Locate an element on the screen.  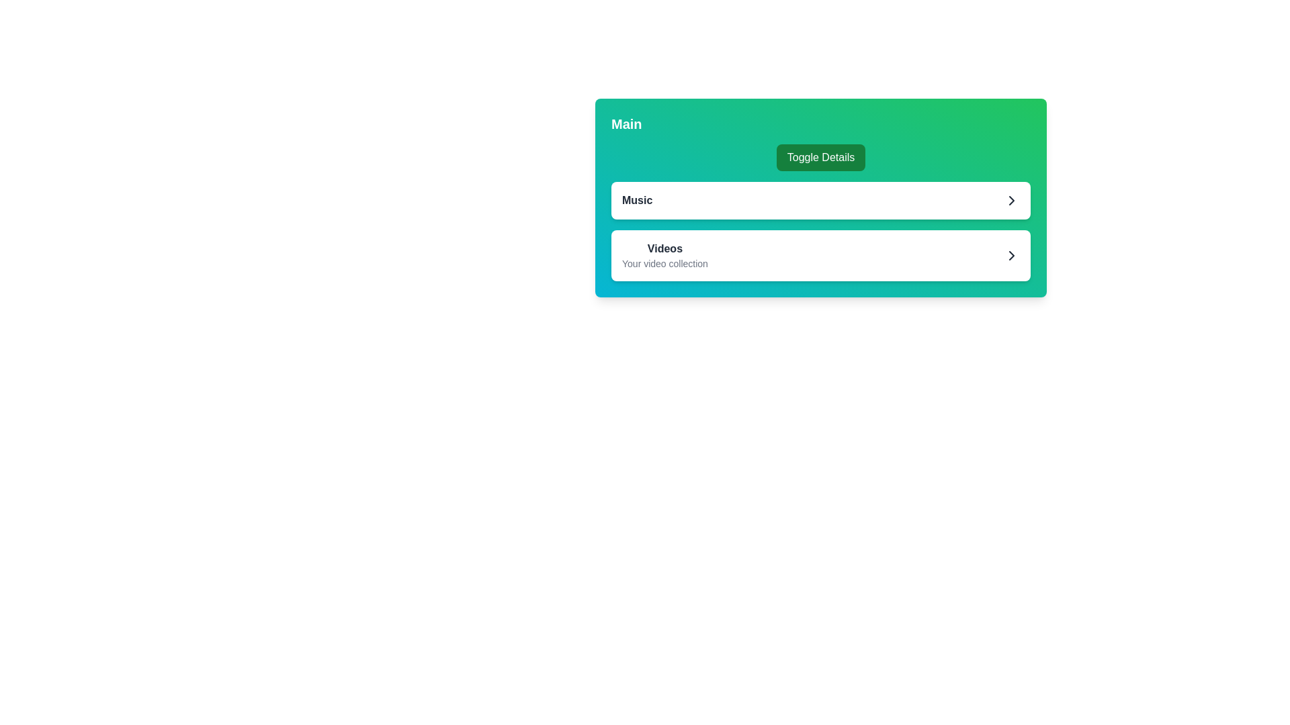
the button located below the 'Toggle Details' green button and above the 'Videos' entry is located at coordinates (820, 197).